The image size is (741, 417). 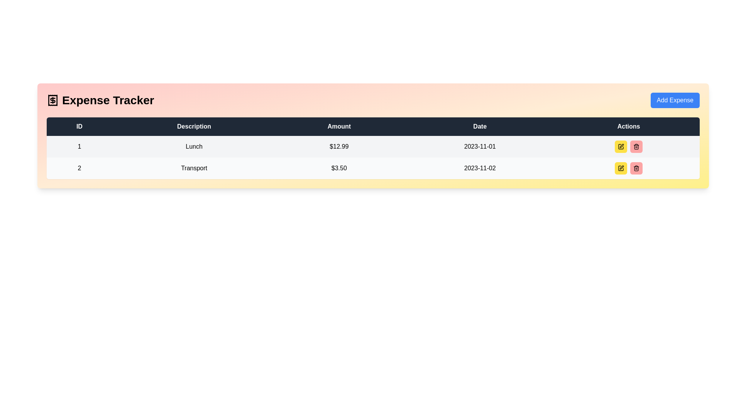 I want to click on the pen-like icon button in the Actions column of the second row, so click(x=622, y=146).